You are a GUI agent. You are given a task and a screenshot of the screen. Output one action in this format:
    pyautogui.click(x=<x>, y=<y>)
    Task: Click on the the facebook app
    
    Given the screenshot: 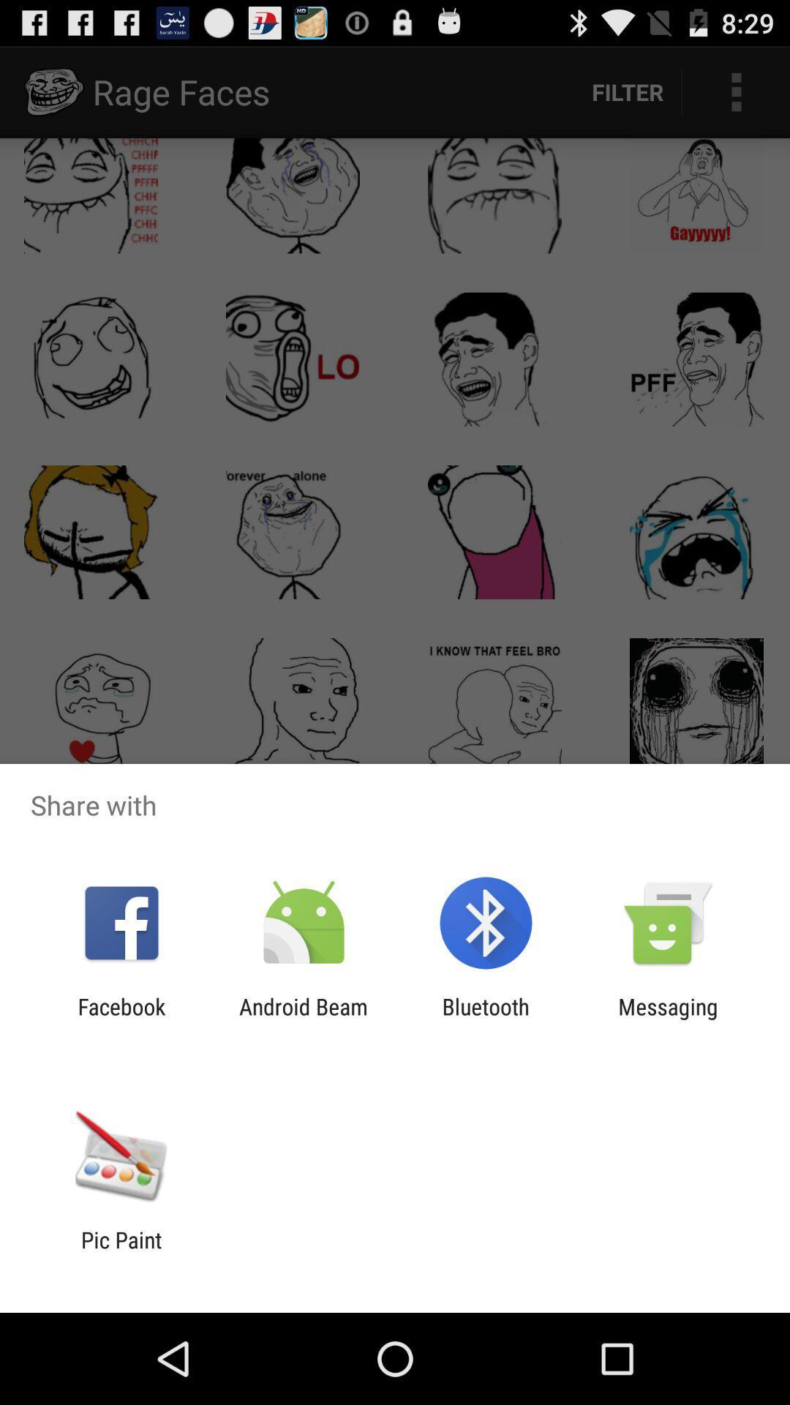 What is the action you would take?
    pyautogui.click(x=121, y=1019)
    